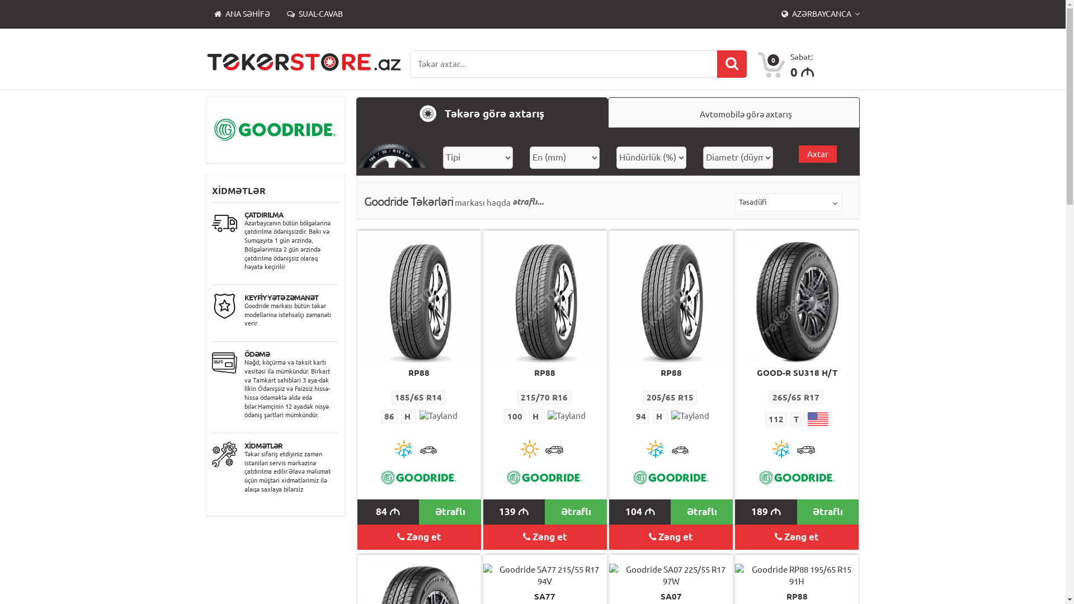  What do you see at coordinates (735, 300) in the screenshot?
I see `'Goodride SU318 H/T 265/65 R17 112T'` at bounding box center [735, 300].